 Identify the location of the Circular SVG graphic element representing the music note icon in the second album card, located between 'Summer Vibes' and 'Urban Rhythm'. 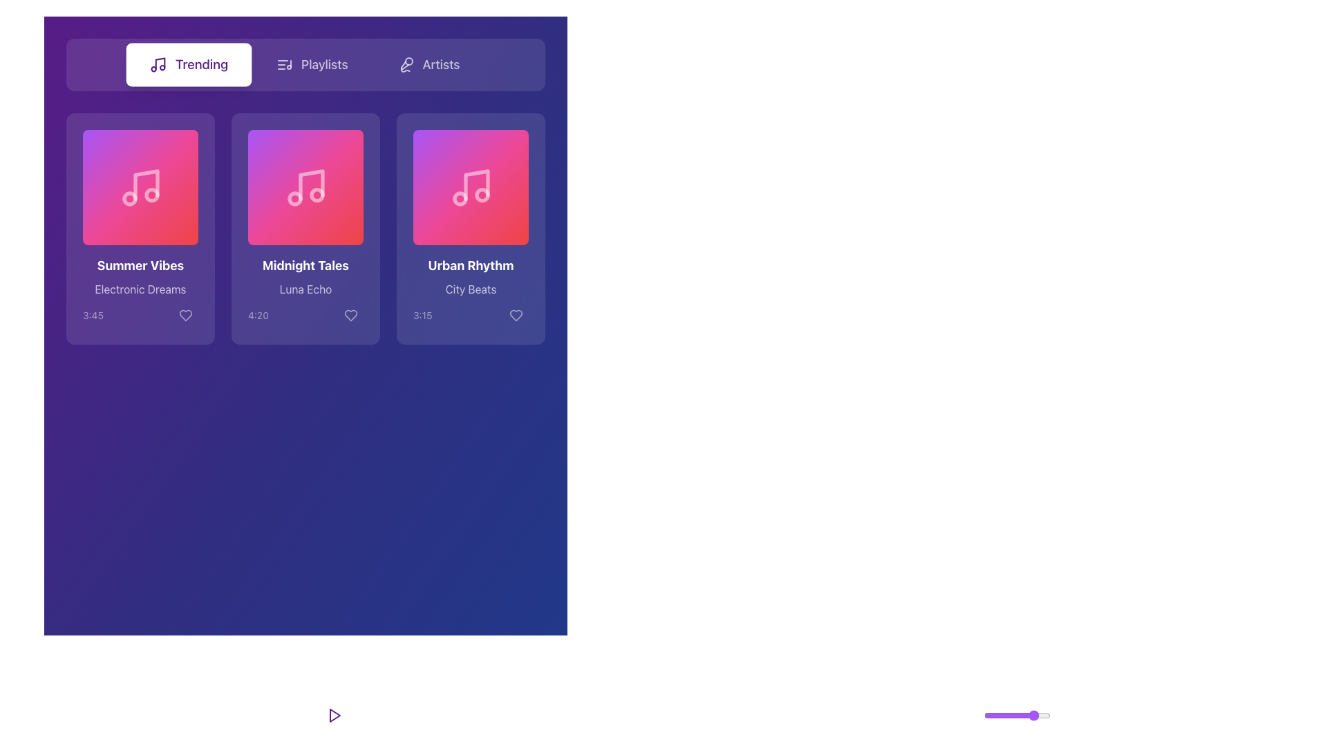
(294, 198).